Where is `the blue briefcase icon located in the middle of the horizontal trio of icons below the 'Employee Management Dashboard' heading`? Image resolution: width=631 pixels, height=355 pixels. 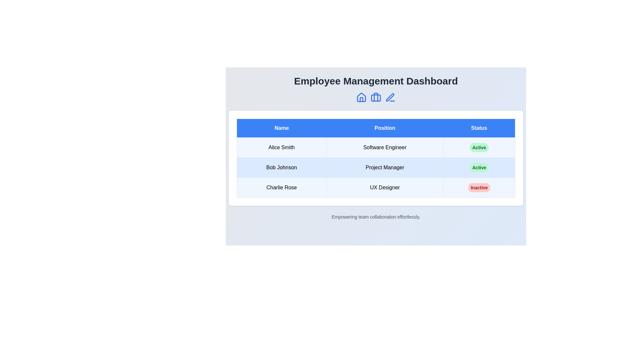
the blue briefcase icon located in the middle of the horizontal trio of icons below the 'Employee Management Dashboard' heading is located at coordinates (376, 98).